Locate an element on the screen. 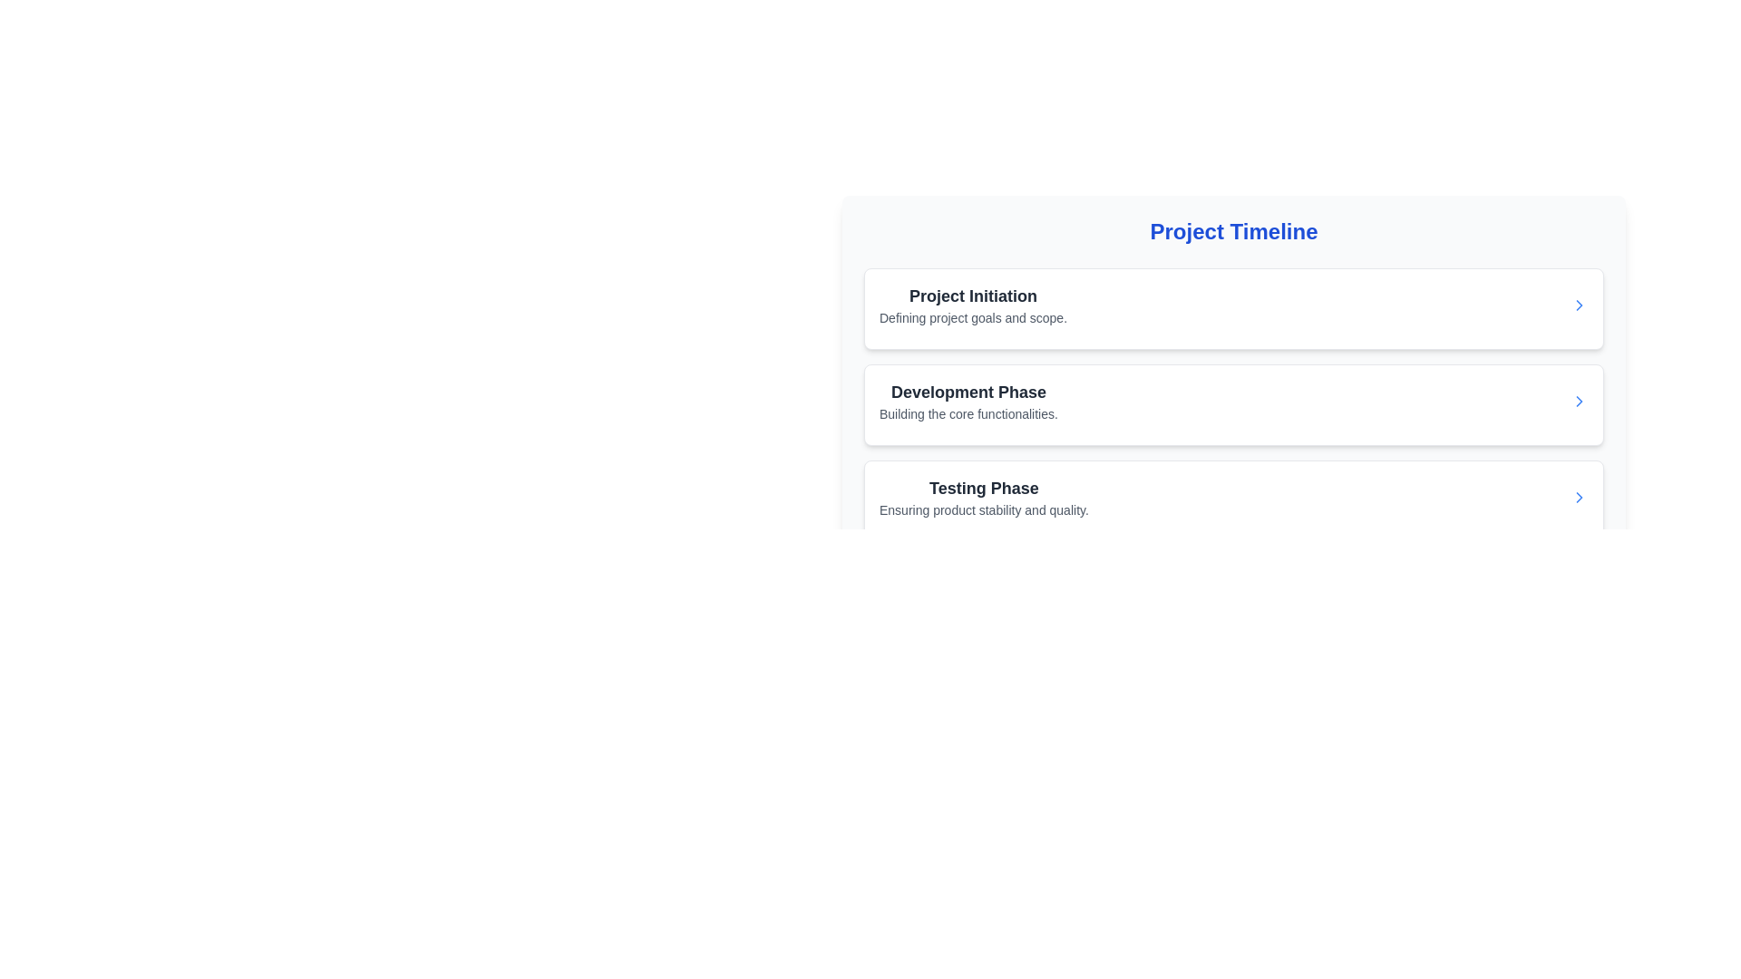 The height and width of the screenshot is (979, 1741). the right-facing arrow icon styled in blue, located at the far right of the 'Testing Phase' section is located at coordinates (1579, 497).